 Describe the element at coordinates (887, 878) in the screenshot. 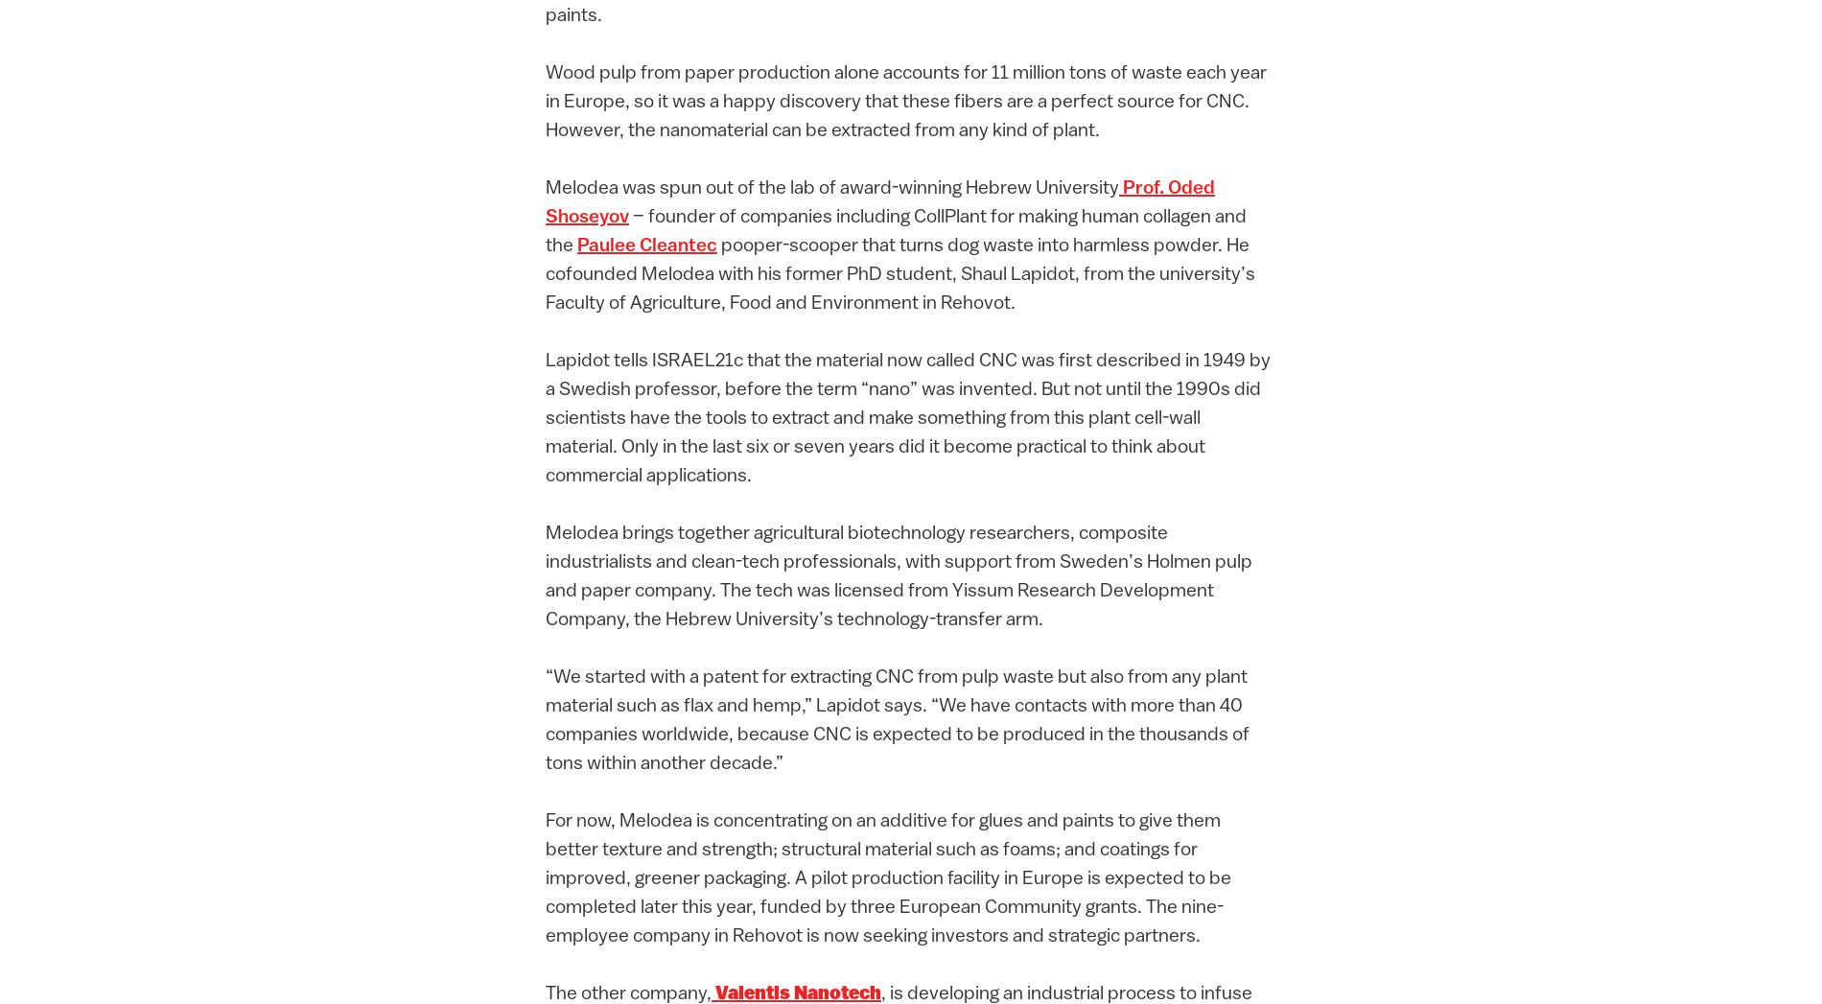

I see `'For now, Melodea is concentrating on an additive for glues and paints to give them better texture and strength; structural material such as foams; and coatings for improved, greener packaging. A pilot production facility in Europe is expected to be completed later this year, funded by three European Community grants. The nine-employee company in Rehovot is now seeking investors and strategic partners.'` at that location.